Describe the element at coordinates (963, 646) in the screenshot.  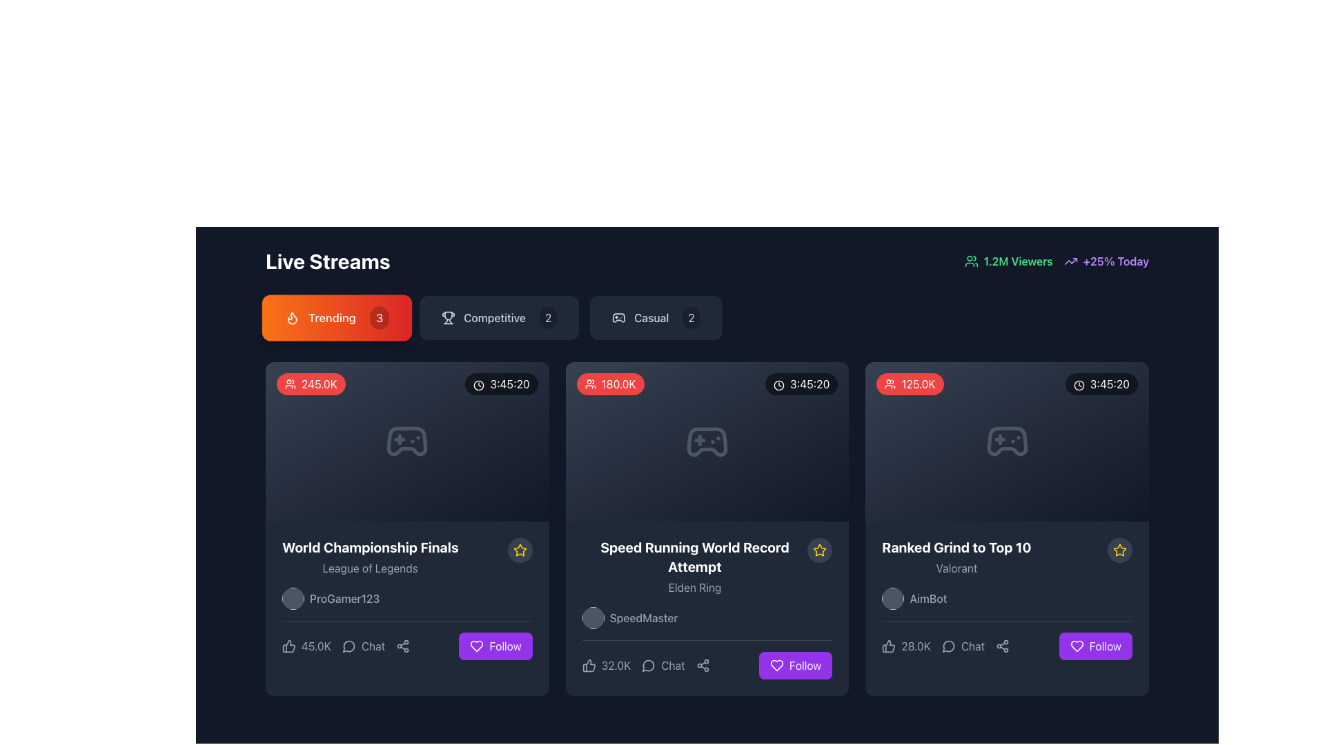
I see `the interactive text button labeled 'Chat' which is positioned between the 'likes' indicator and the 'share' icon in the bottom section of the 'Ranked Grind to Top 10' card` at that location.